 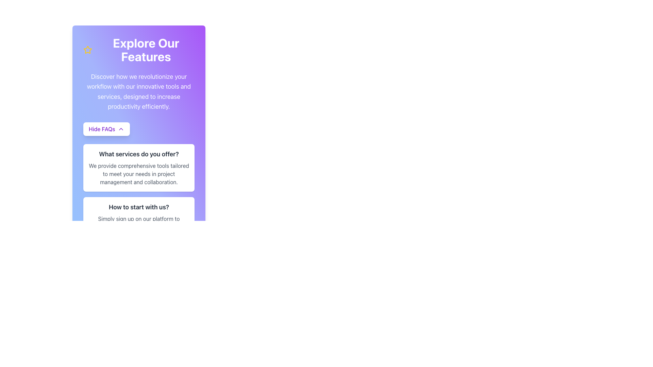 I want to click on the upward-facing chevron icon located on the right side of the 'Hide FAQs' button, so click(x=121, y=129).